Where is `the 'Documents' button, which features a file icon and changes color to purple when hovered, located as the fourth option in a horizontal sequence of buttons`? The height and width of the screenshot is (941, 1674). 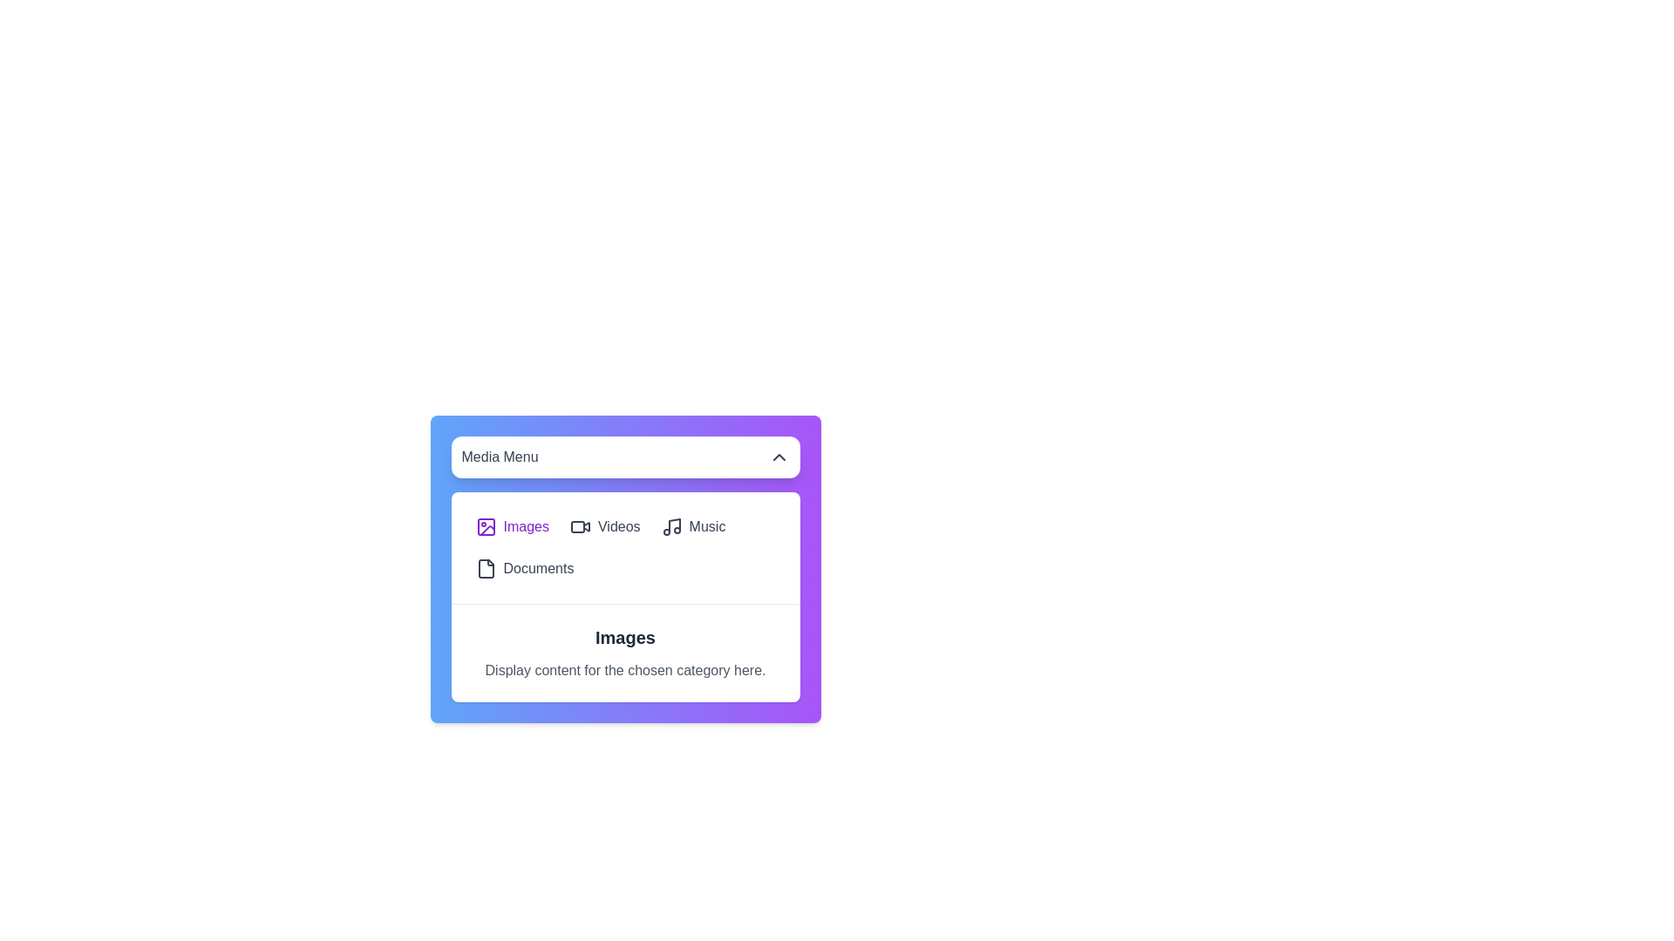
the 'Documents' button, which features a file icon and changes color to purple when hovered, located as the fourth option in a horizontal sequence of buttons is located at coordinates (523, 568).